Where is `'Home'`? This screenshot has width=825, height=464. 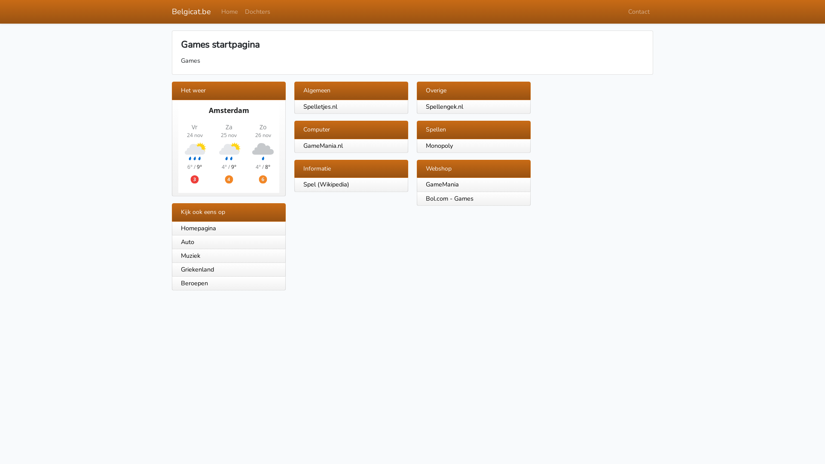
'Home' is located at coordinates (229, 12).